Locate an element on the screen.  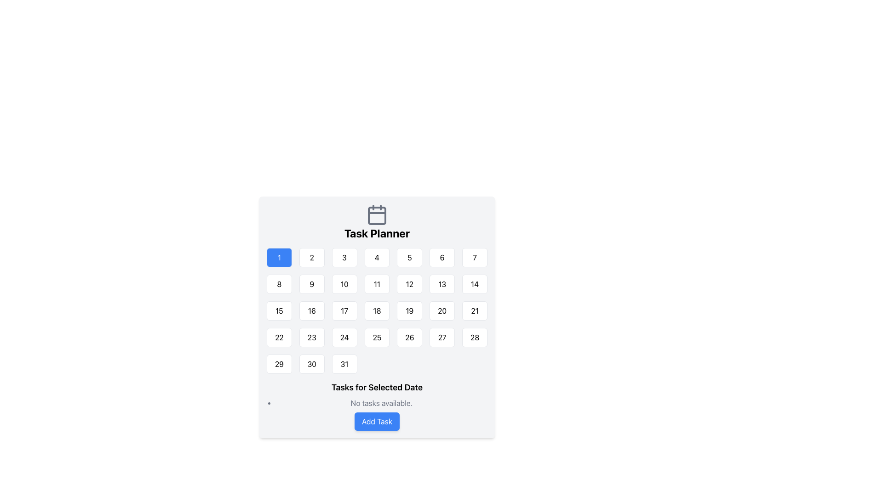
the square button with a white background and black text displaying '24' located in the 7th row and 4th column of the numerical grid is located at coordinates (344, 338).